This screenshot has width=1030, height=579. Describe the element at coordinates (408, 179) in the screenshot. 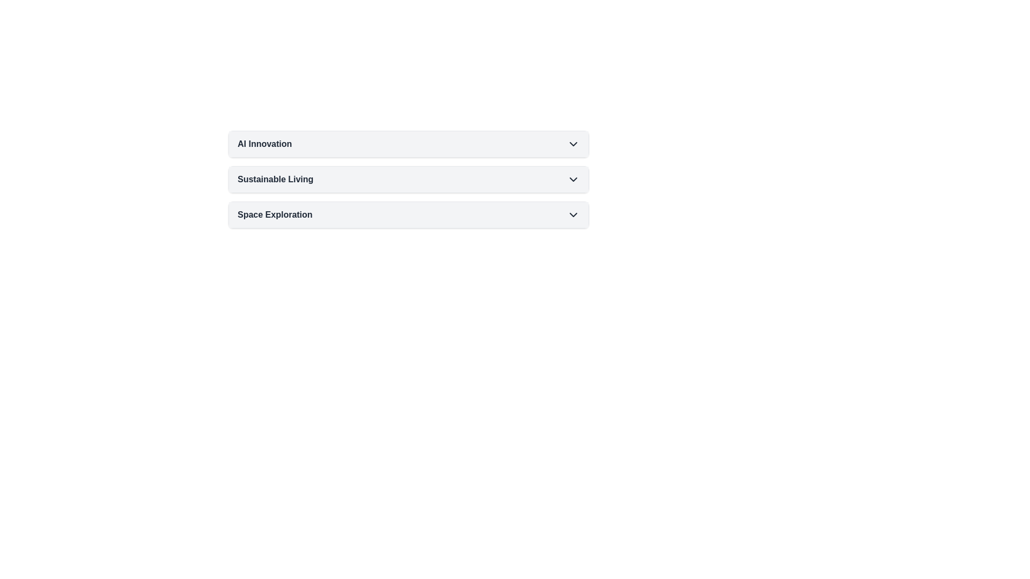

I see `the 'Sustainable Living' collapsible menu item` at that location.